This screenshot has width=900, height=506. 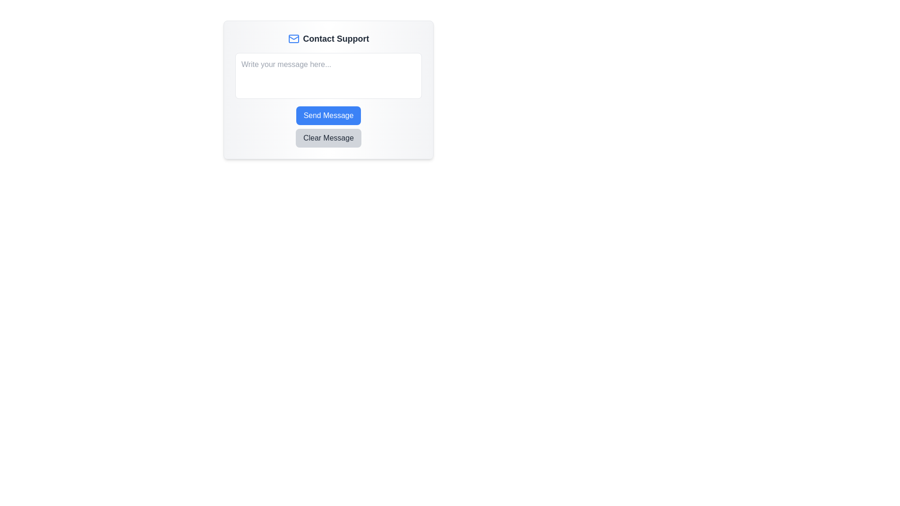 I want to click on the 'Send Message' button to view the focus ring effect, so click(x=328, y=115).